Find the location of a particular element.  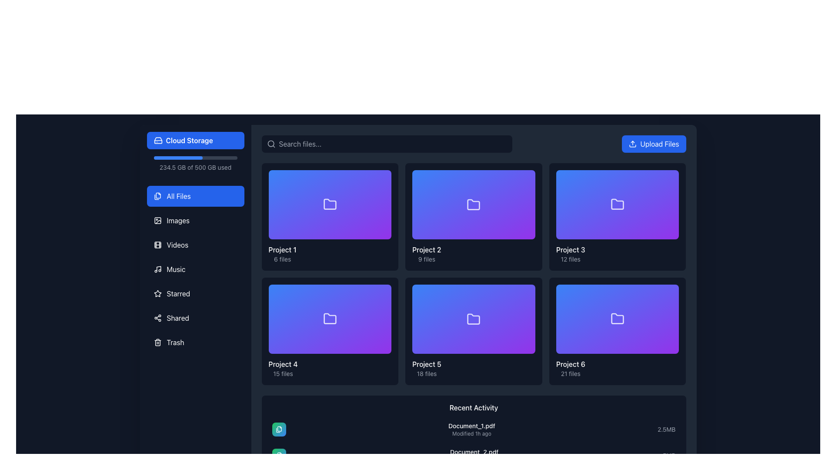

the progress indicator displaying storage usage information located in the left panel below the 'Cloud Storage' label is located at coordinates (195, 164).